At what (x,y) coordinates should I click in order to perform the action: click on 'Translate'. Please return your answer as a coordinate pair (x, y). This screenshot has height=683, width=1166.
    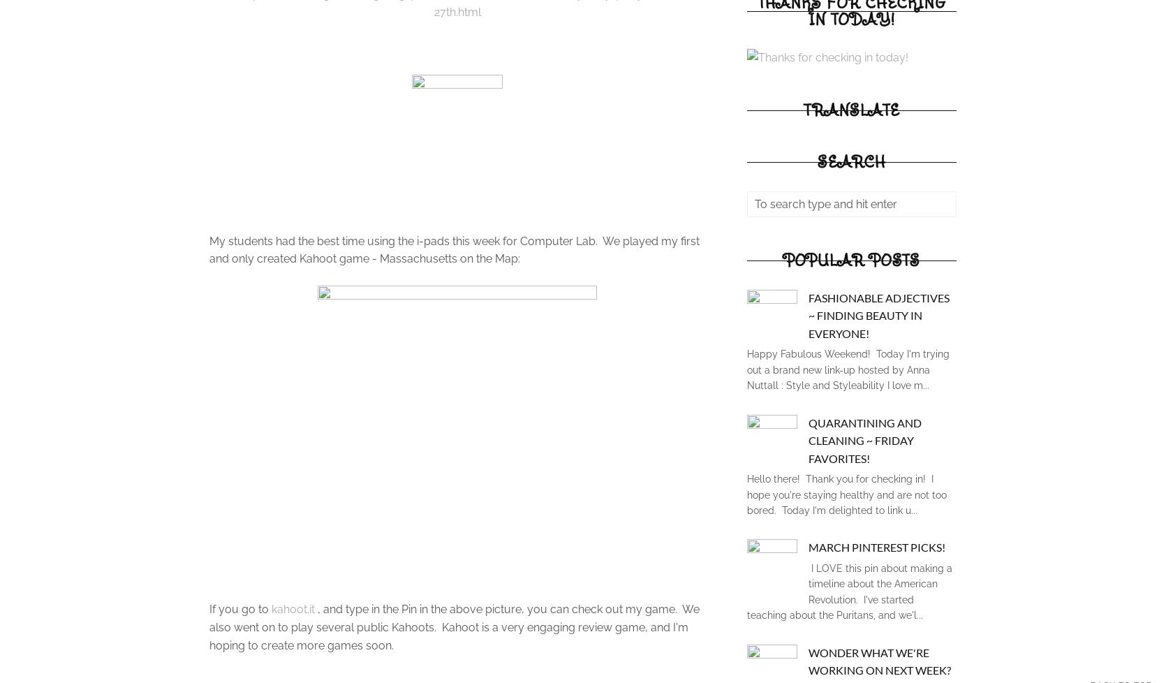
    Looking at the image, I should click on (851, 109).